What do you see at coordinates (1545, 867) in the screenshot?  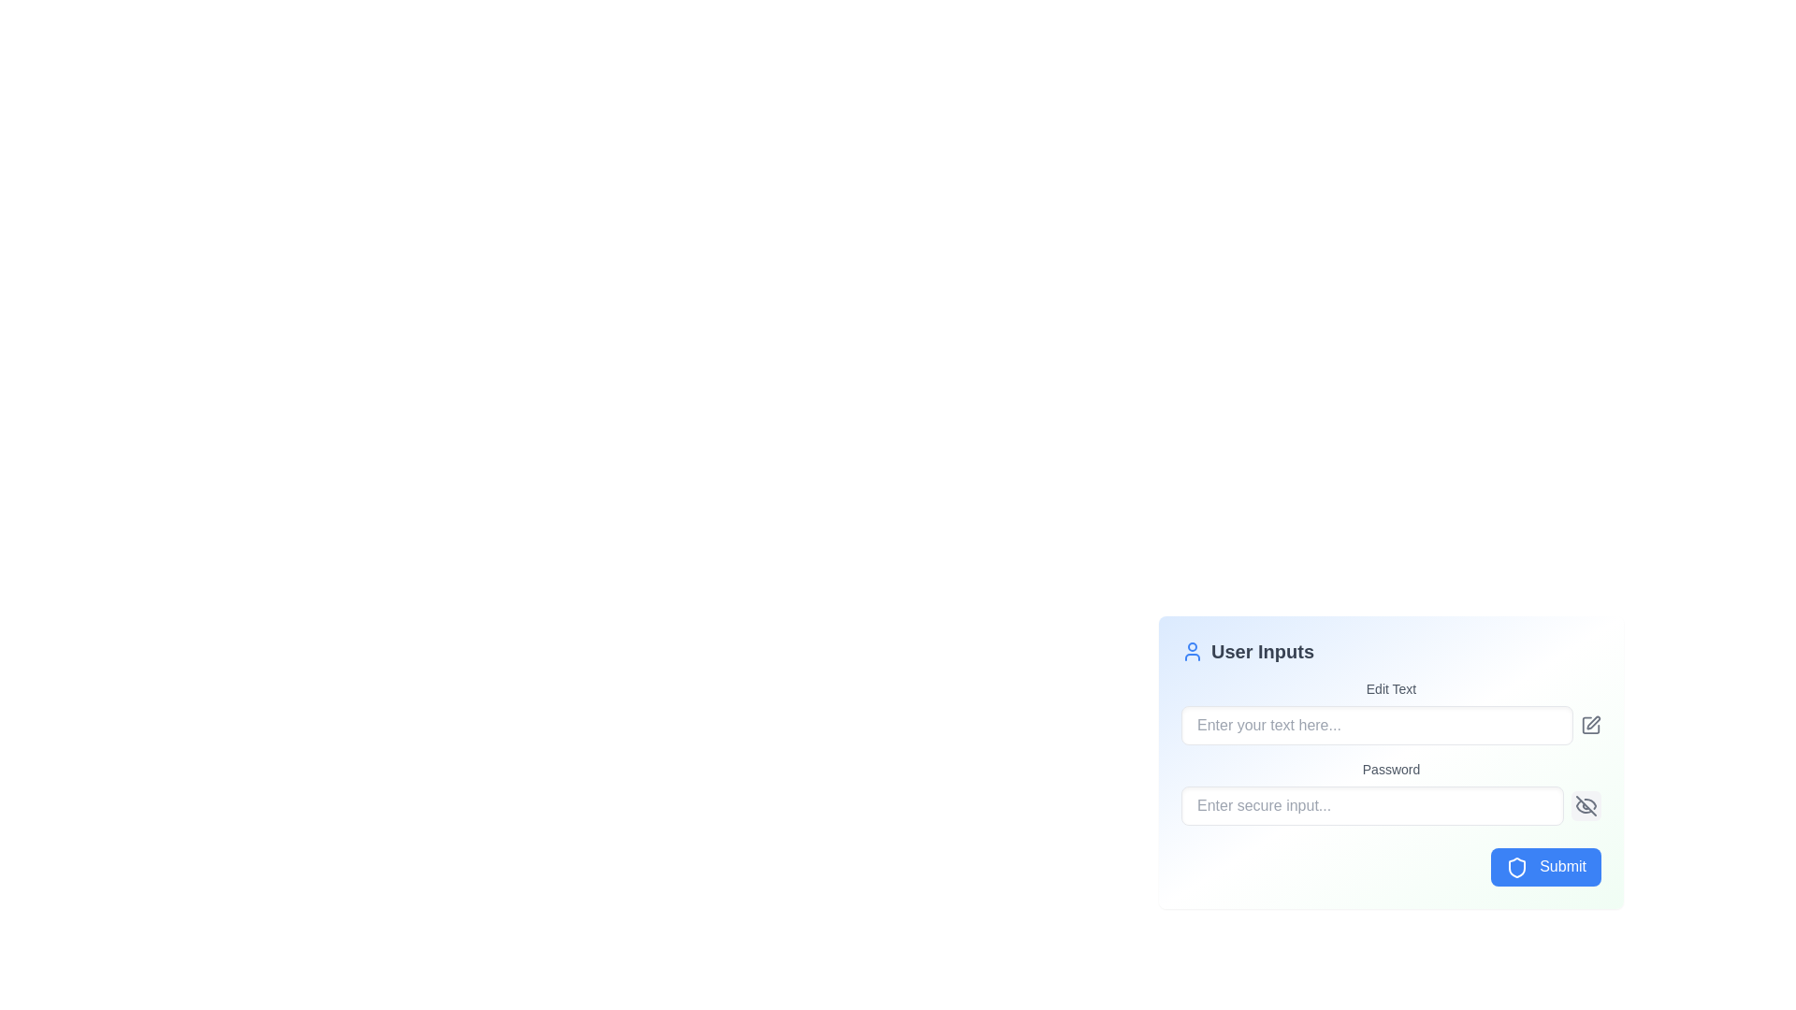 I see `the 'Submit' button with a blue background and shield icon located at the bottom-right corner of the 'User Inputs' panel` at bounding box center [1545, 867].